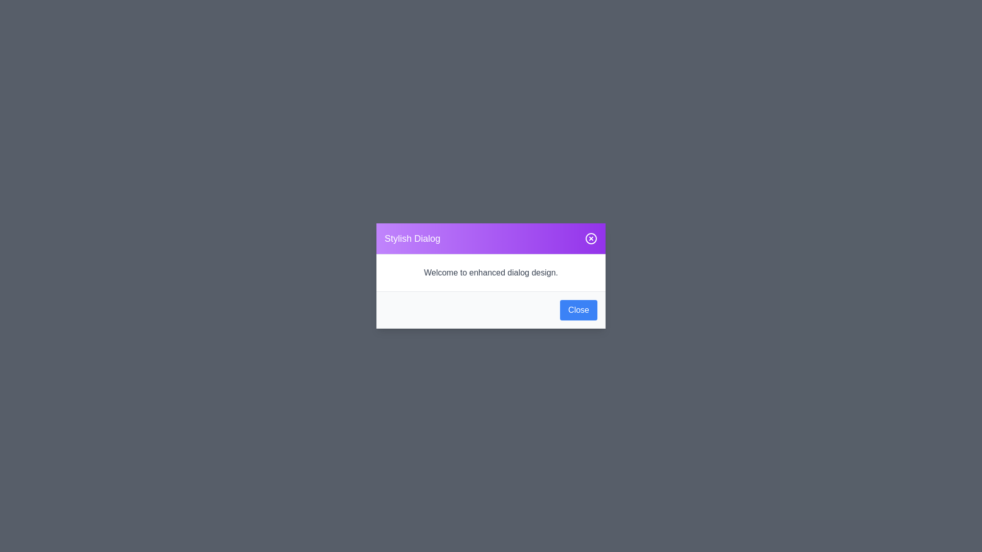  I want to click on the informational text label within the 'Stylish Dialog' modal, which is centered below the purple header and above the 'Close' button, so click(491, 272).